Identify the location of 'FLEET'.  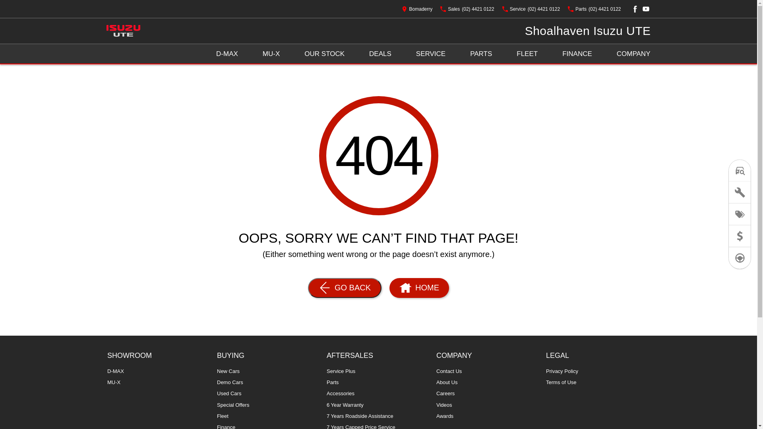
(510, 54).